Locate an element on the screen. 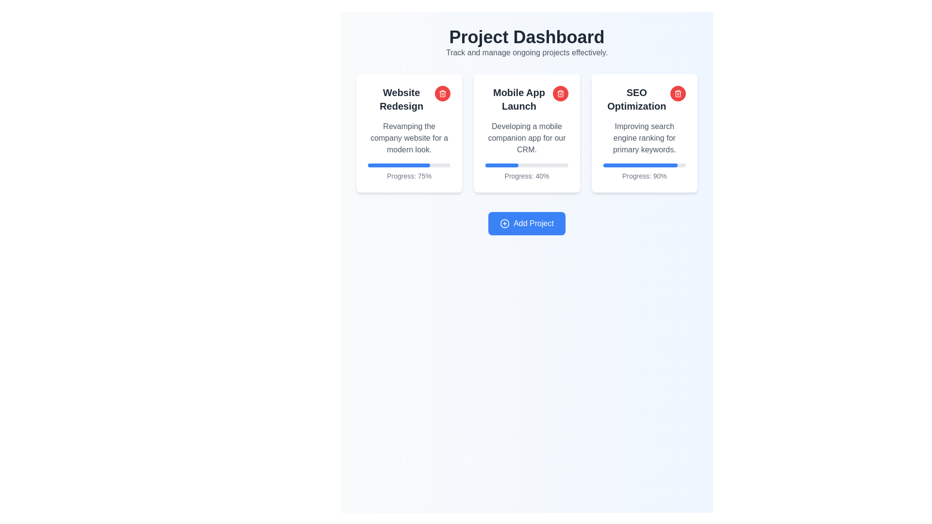 This screenshot has height=524, width=932. the interactive progress card element in the Project Dashboard section is located at coordinates (526, 133).